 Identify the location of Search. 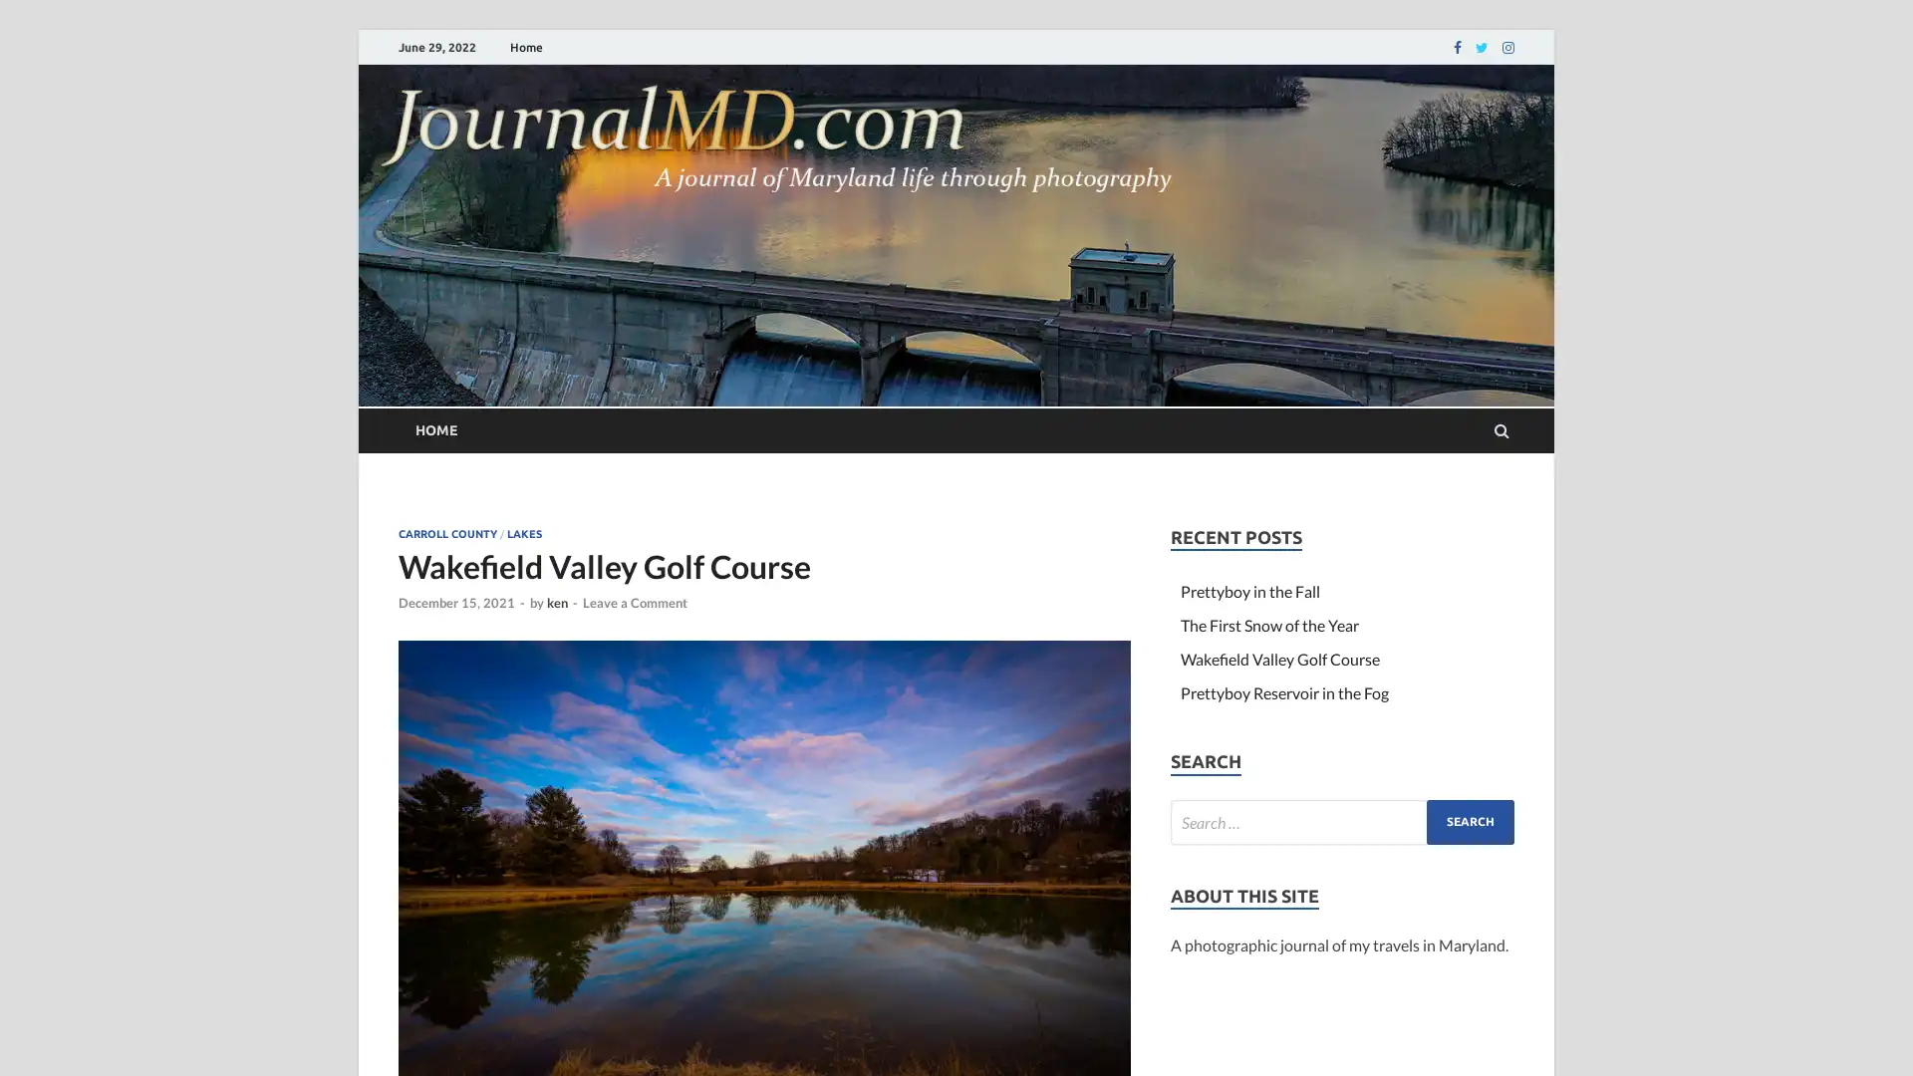
(1471, 821).